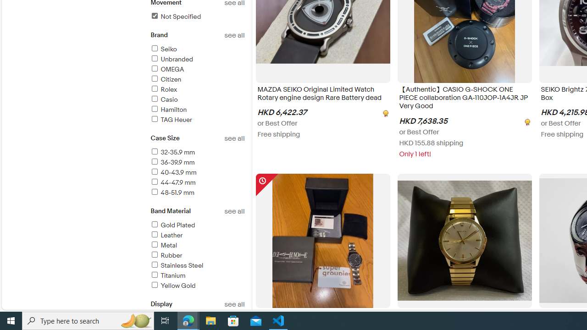 The image size is (587, 330). Describe the element at coordinates (197, 235) in the screenshot. I see `'Leather'` at that location.